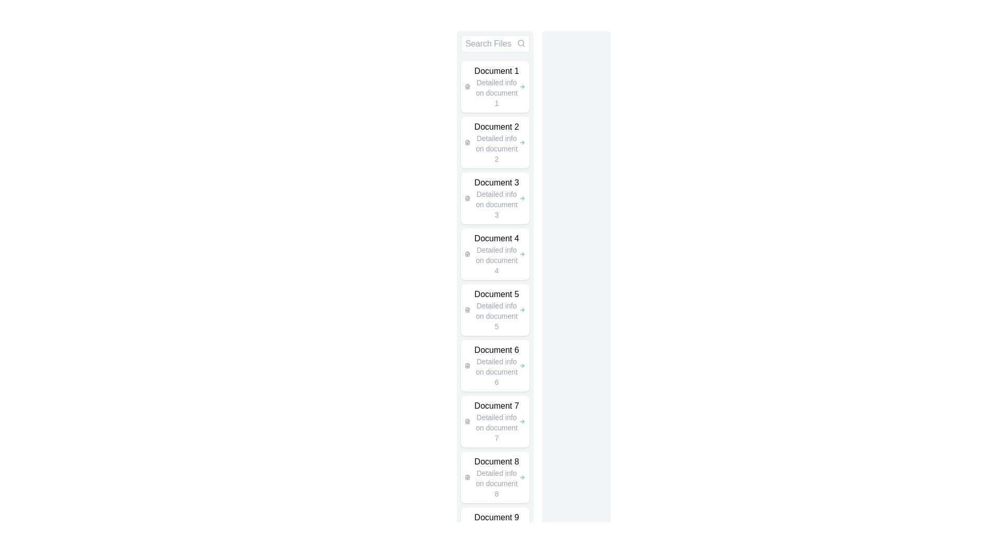 The height and width of the screenshot is (558, 992). Describe the element at coordinates (497, 372) in the screenshot. I see `the informational text label located directly below the main heading 'Document 6' in the sixth item of the vertical list` at that location.